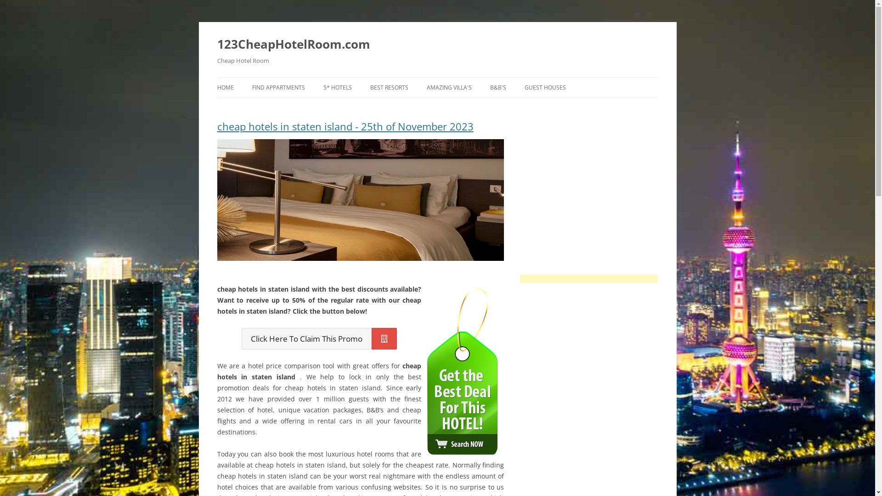  I want to click on '5* HOTELS', so click(337, 88).